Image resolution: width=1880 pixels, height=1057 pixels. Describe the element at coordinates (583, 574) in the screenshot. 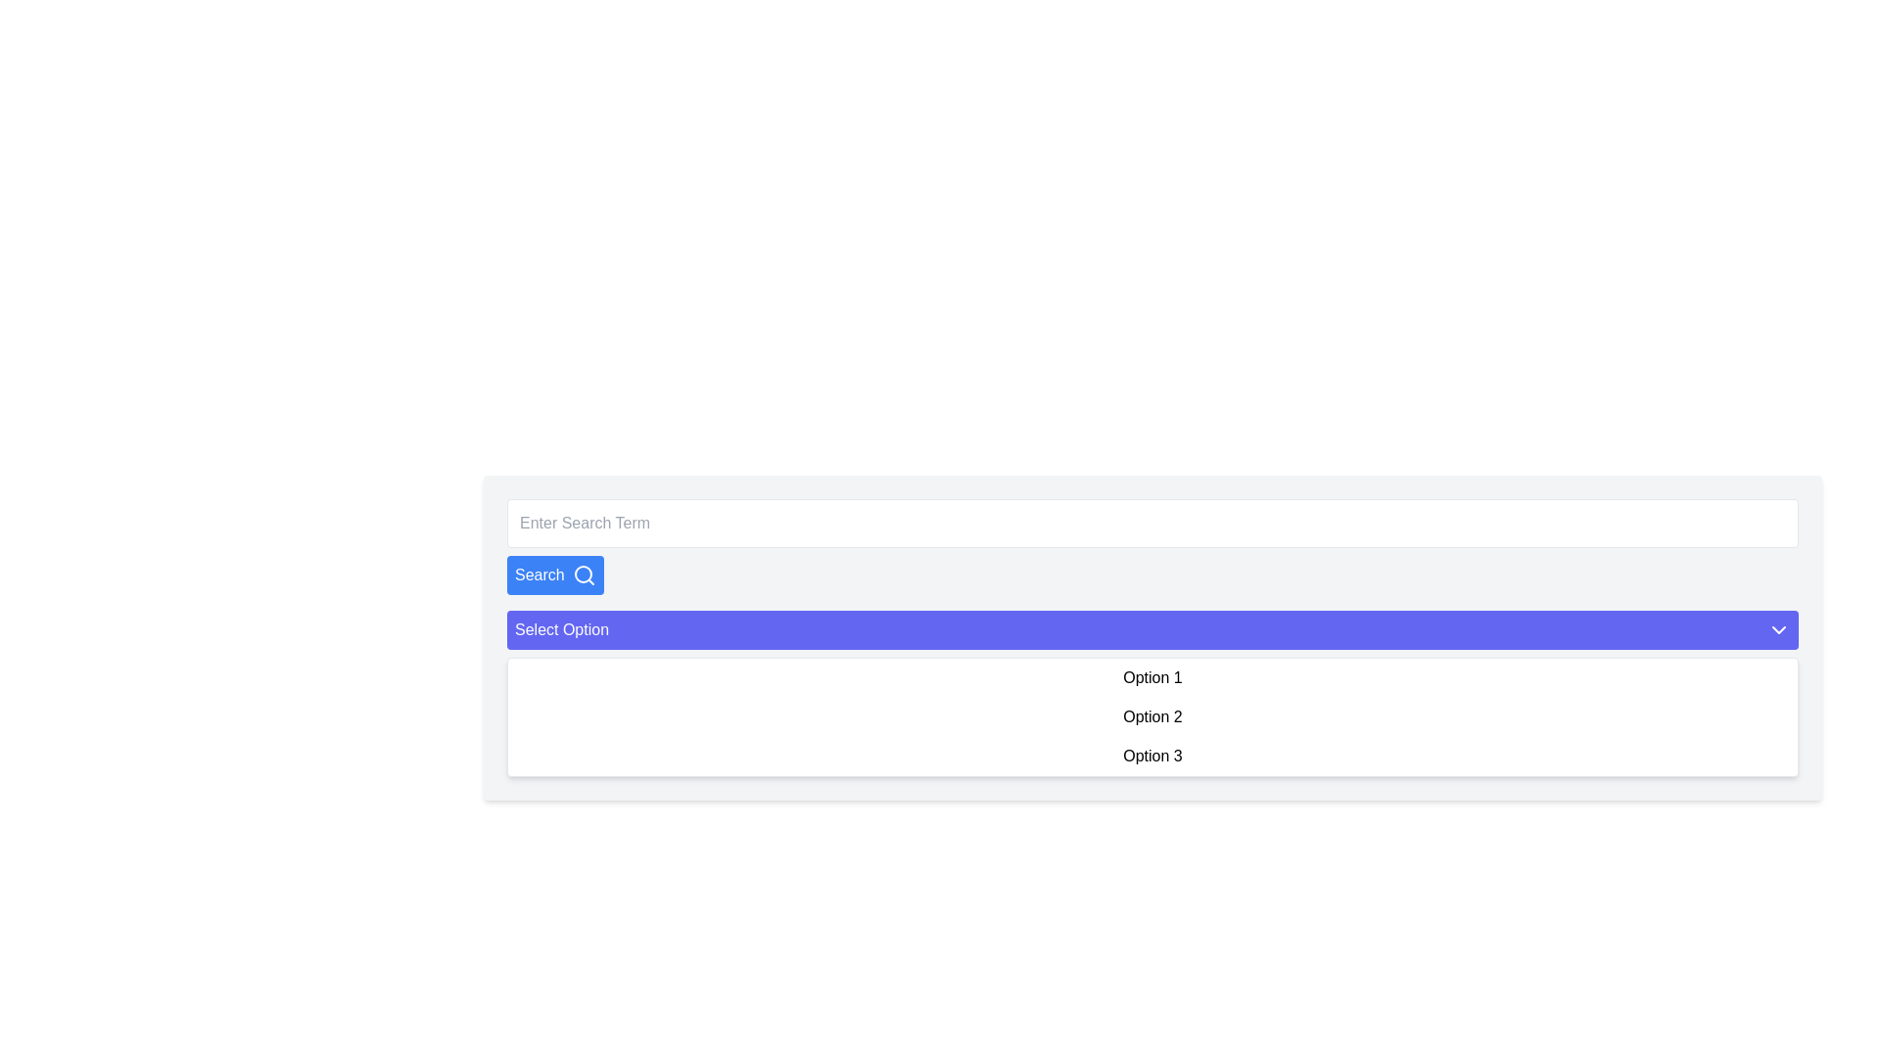

I see `the search icon located to the right of the blue 'Search' button, which triggers the search functionality` at that location.